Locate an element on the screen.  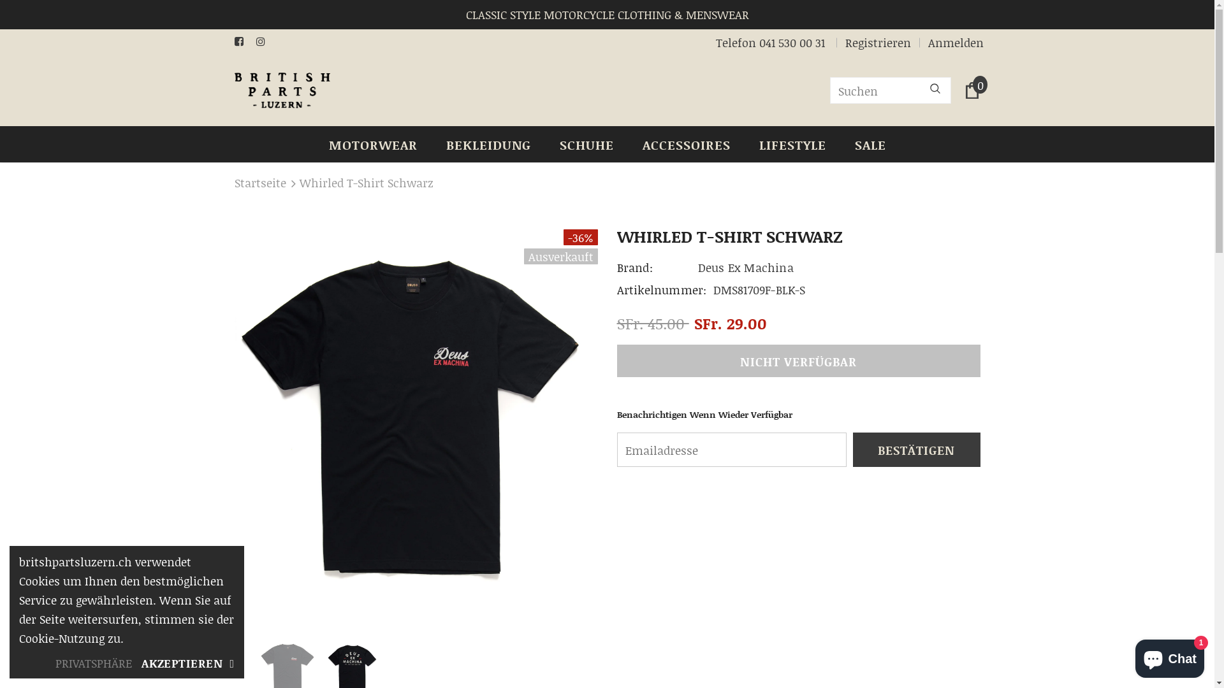
'Instagram' is located at coordinates (263, 41).